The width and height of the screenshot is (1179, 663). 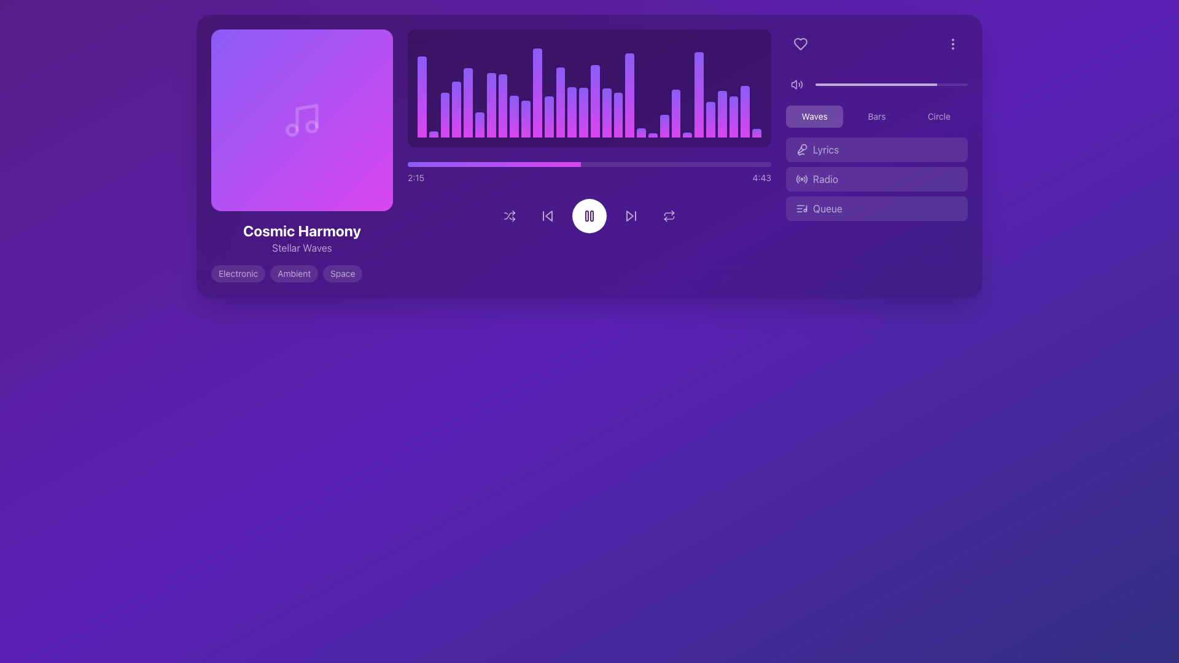 I want to click on the text displayed on the rounded rectangular label with the text 'Ambient', which is styled with a muted white color on a light purple background, located between the 'Electronic' and 'Space' tags, so click(x=294, y=273).